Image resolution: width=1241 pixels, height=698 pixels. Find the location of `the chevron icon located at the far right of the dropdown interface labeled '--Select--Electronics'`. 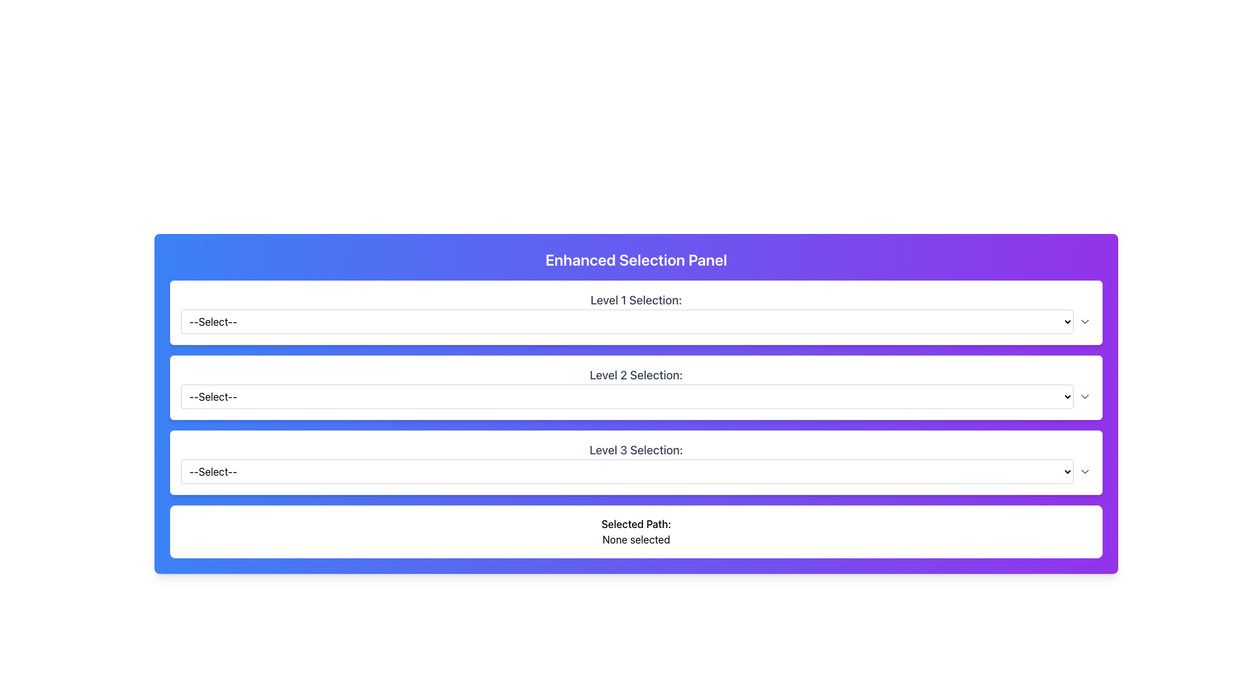

the chevron icon located at the far right of the dropdown interface labeled '--Select--Electronics' is located at coordinates (1085, 396).